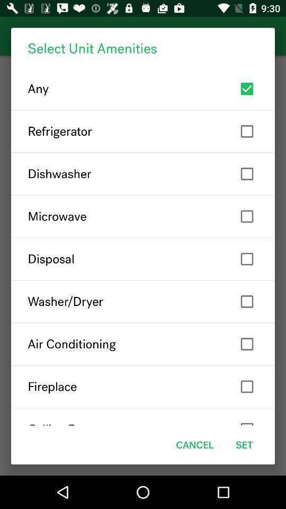 The width and height of the screenshot is (286, 509). What do you see at coordinates (143, 174) in the screenshot?
I see `item above microwave item` at bounding box center [143, 174].